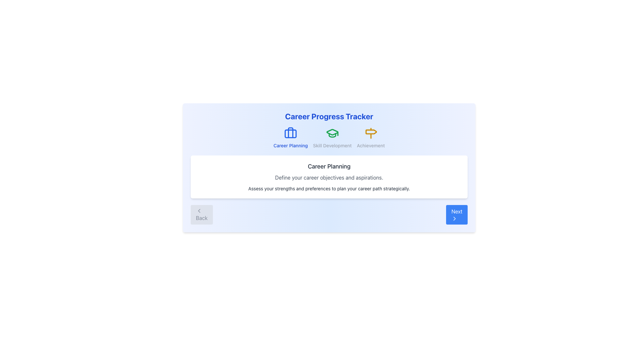  I want to click on leftward-pointing chevron icon, which has a thin dark outline and is located to the left of the 'Back' button, using developer tools, so click(199, 211).